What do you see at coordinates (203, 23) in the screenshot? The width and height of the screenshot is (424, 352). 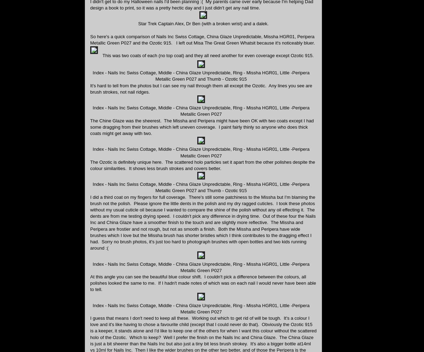 I see `'Star Trek Captain Alex, Dr Ben (with a broken wrist) and a dalek.'` at bounding box center [203, 23].